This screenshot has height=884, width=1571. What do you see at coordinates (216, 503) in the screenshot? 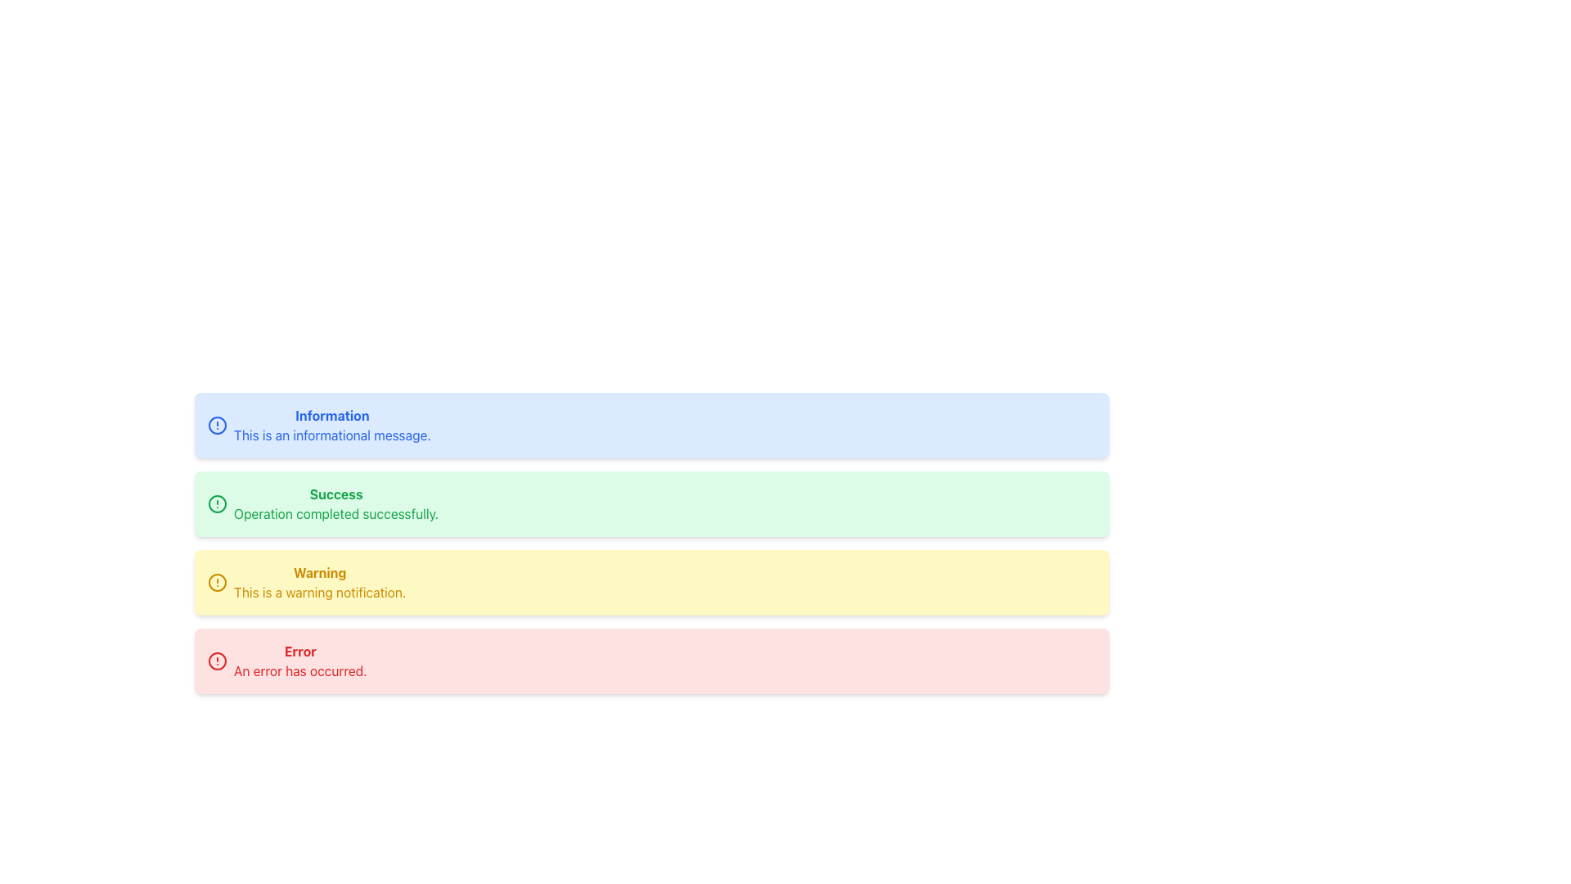
I see `the Circle Graphics Component that symbolizes success, located to the left of 'Success' in the second notification of the vertical list` at bounding box center [216, 503].